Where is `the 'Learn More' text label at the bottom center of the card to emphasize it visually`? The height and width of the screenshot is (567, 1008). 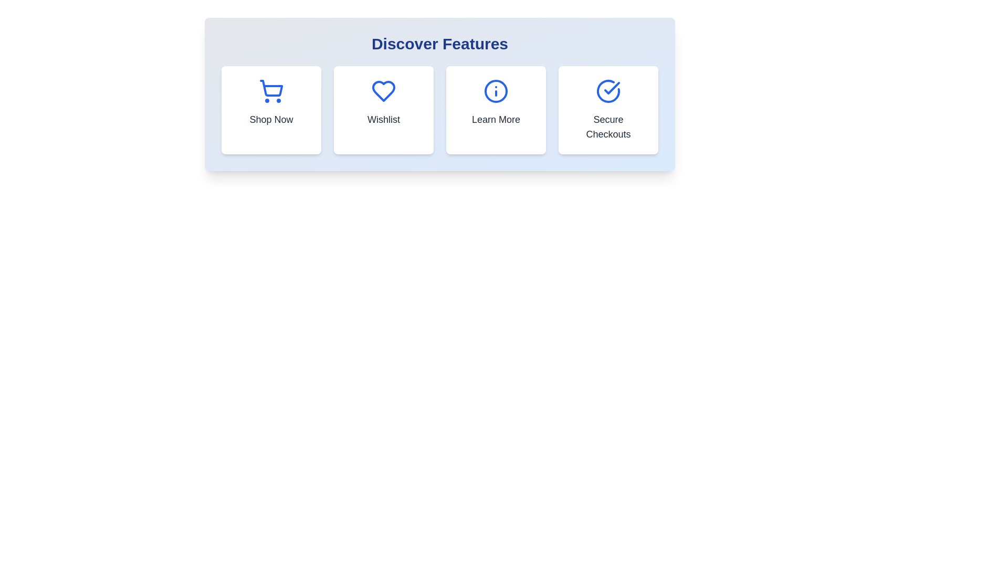 the 'Learn More' text label at the bottom center of the card to emphasize it visually is located at coordinates (496, 119).